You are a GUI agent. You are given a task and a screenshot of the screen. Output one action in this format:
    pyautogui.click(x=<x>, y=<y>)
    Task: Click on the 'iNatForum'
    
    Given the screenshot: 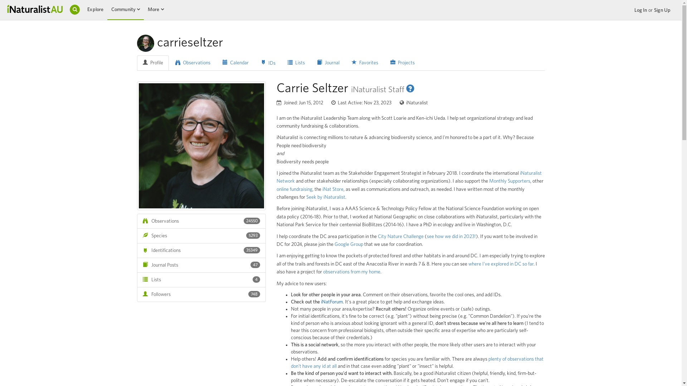 What is the action you would take?
    pyautogui.click(x=331, y=302)
    